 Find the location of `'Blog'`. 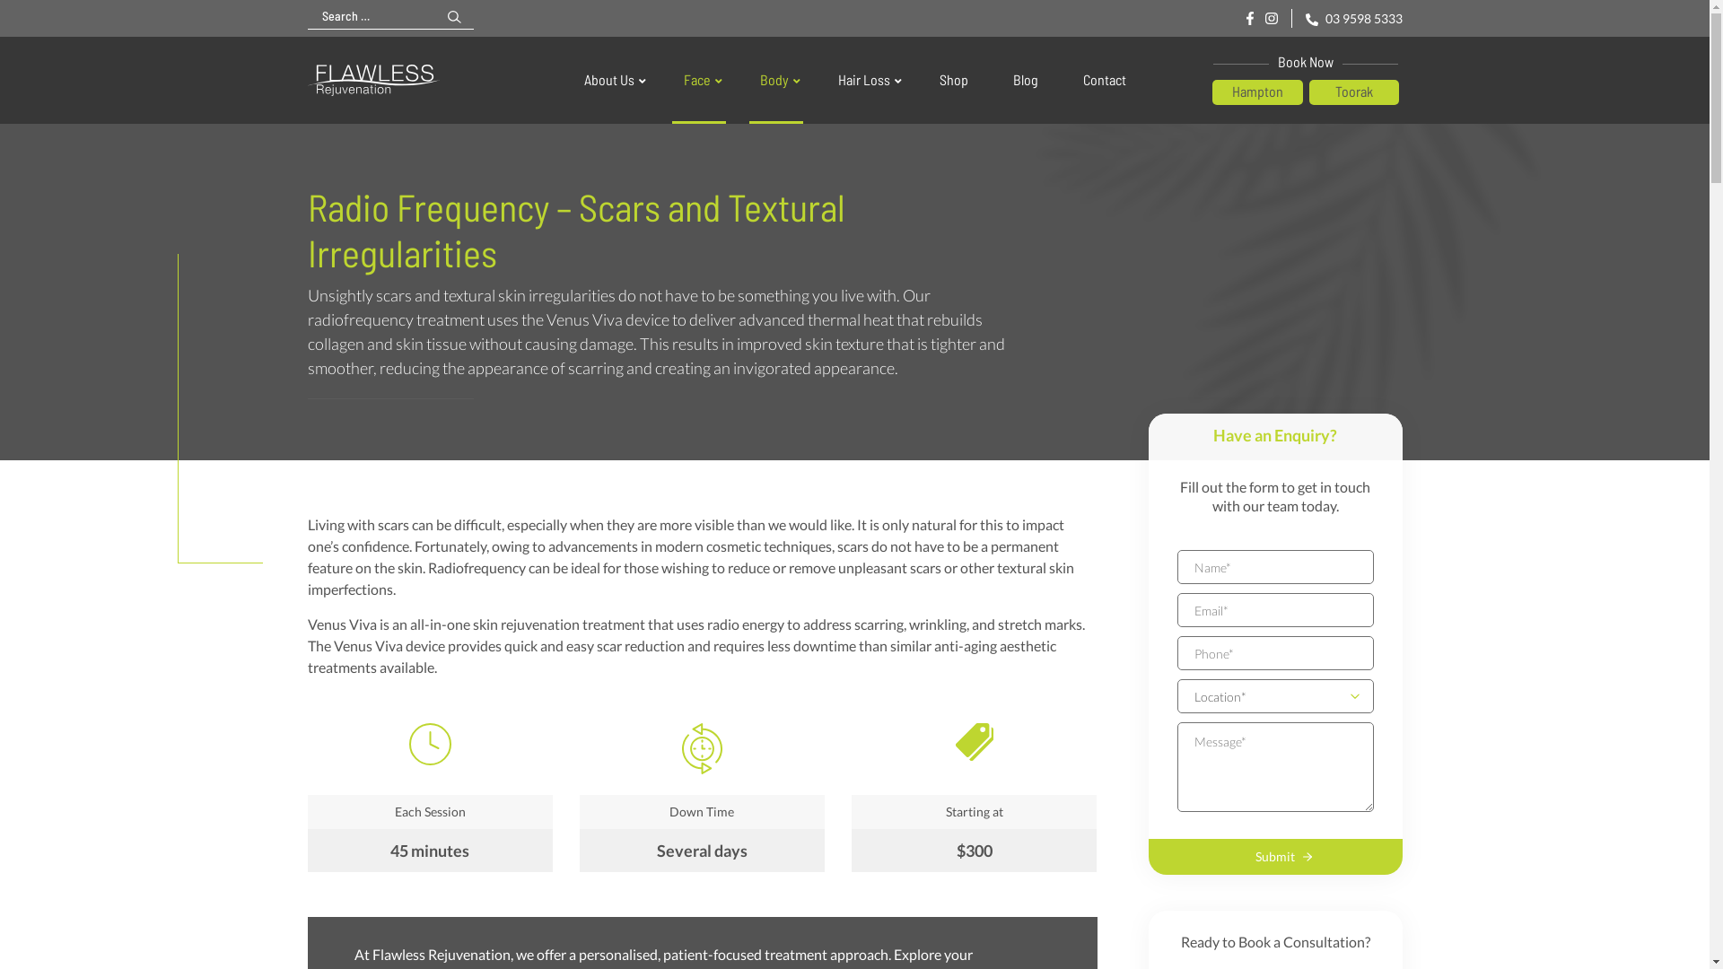

'Blog' is located at coordinates (1025, 79).